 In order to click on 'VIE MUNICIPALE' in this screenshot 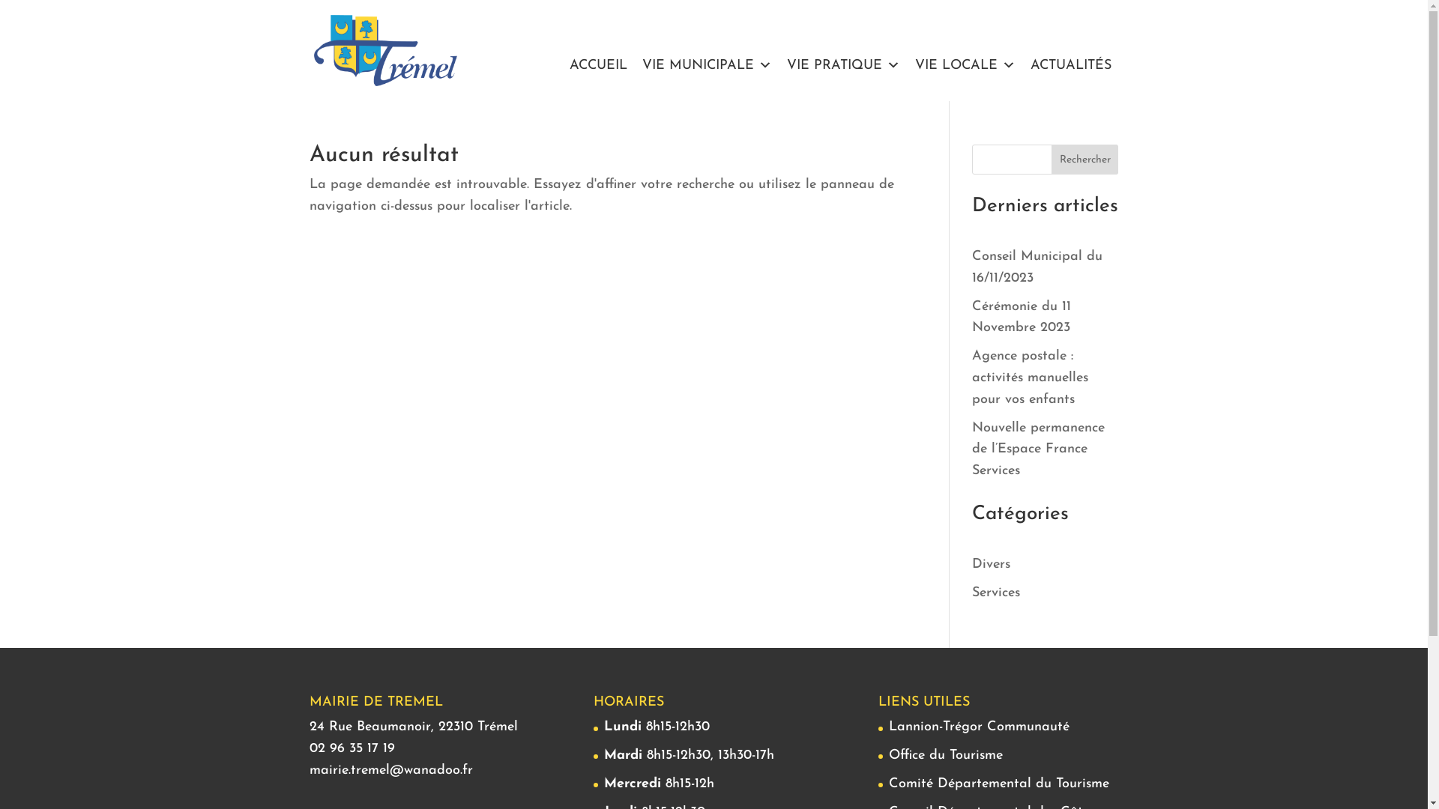, I will do `click(705, 64)`.